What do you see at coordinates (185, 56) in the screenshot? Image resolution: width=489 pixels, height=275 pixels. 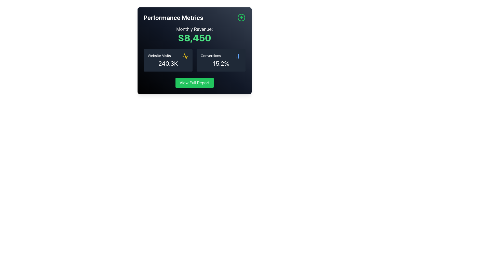 I see `the icon representing website traffic, located to the right of 'Website Visits' text` at bounding box center [185, 56].